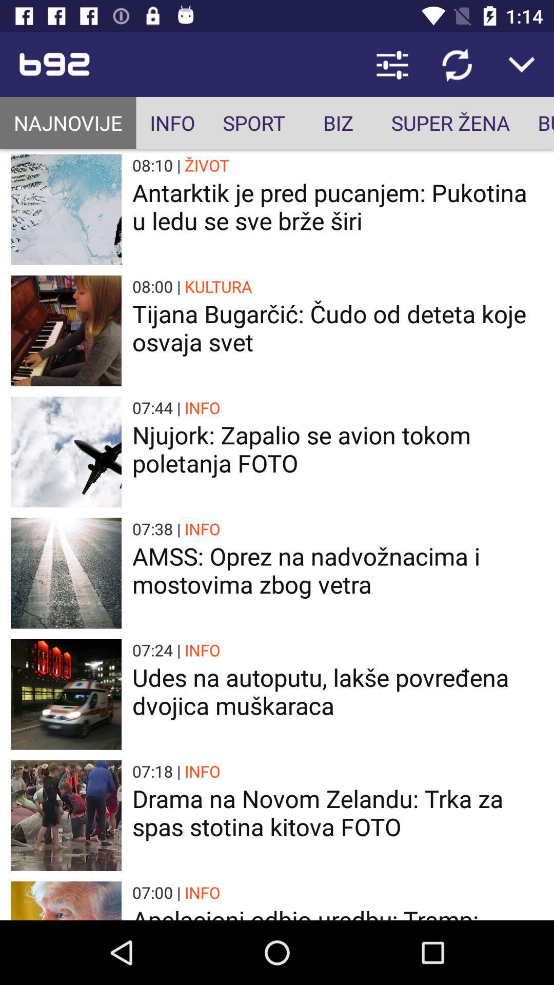 The width and height of the screenshot is (554, 985). What do you see at coordinates (338, 206) in the screenshot?
I see `the icon above 08:00 |  item` at bounding box center [338, 206].